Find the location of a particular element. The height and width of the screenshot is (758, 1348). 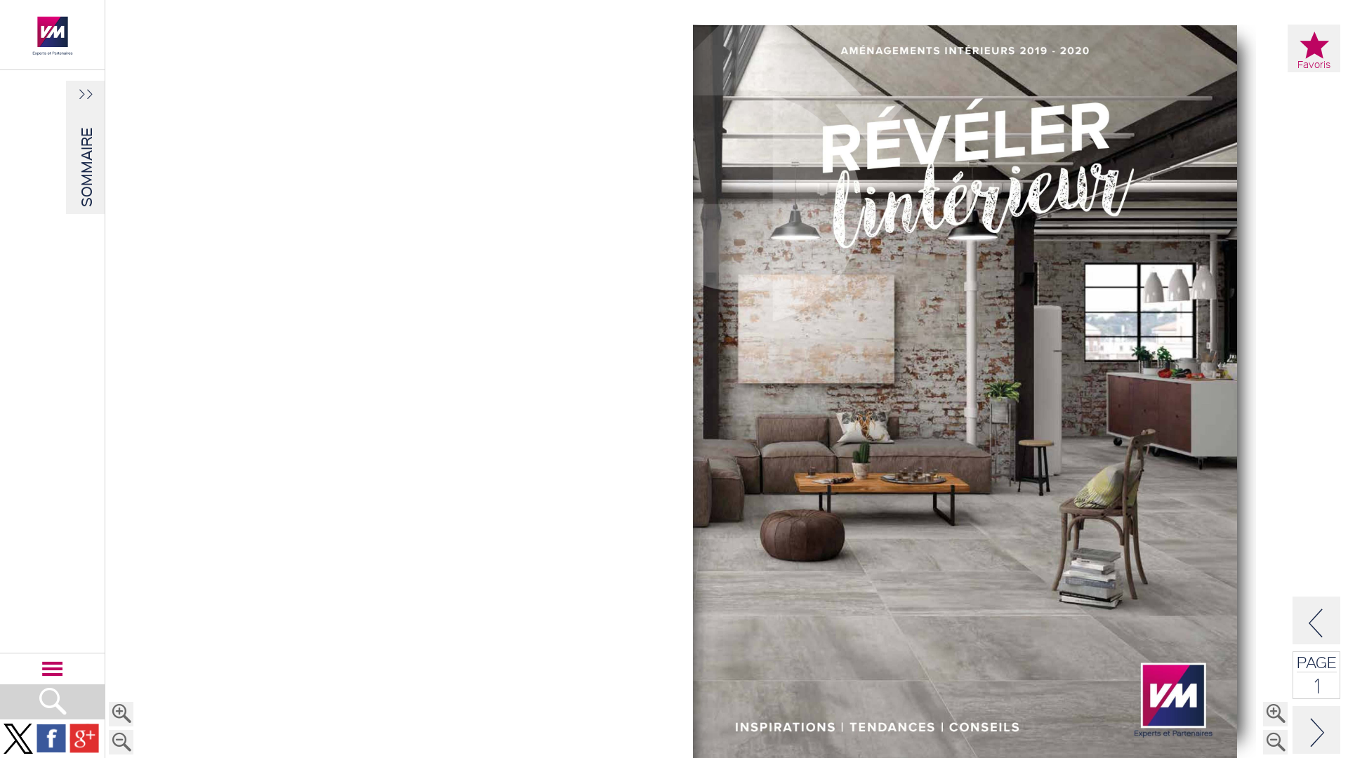

'Partager sur facebook' is located at coordinates (51, 738).